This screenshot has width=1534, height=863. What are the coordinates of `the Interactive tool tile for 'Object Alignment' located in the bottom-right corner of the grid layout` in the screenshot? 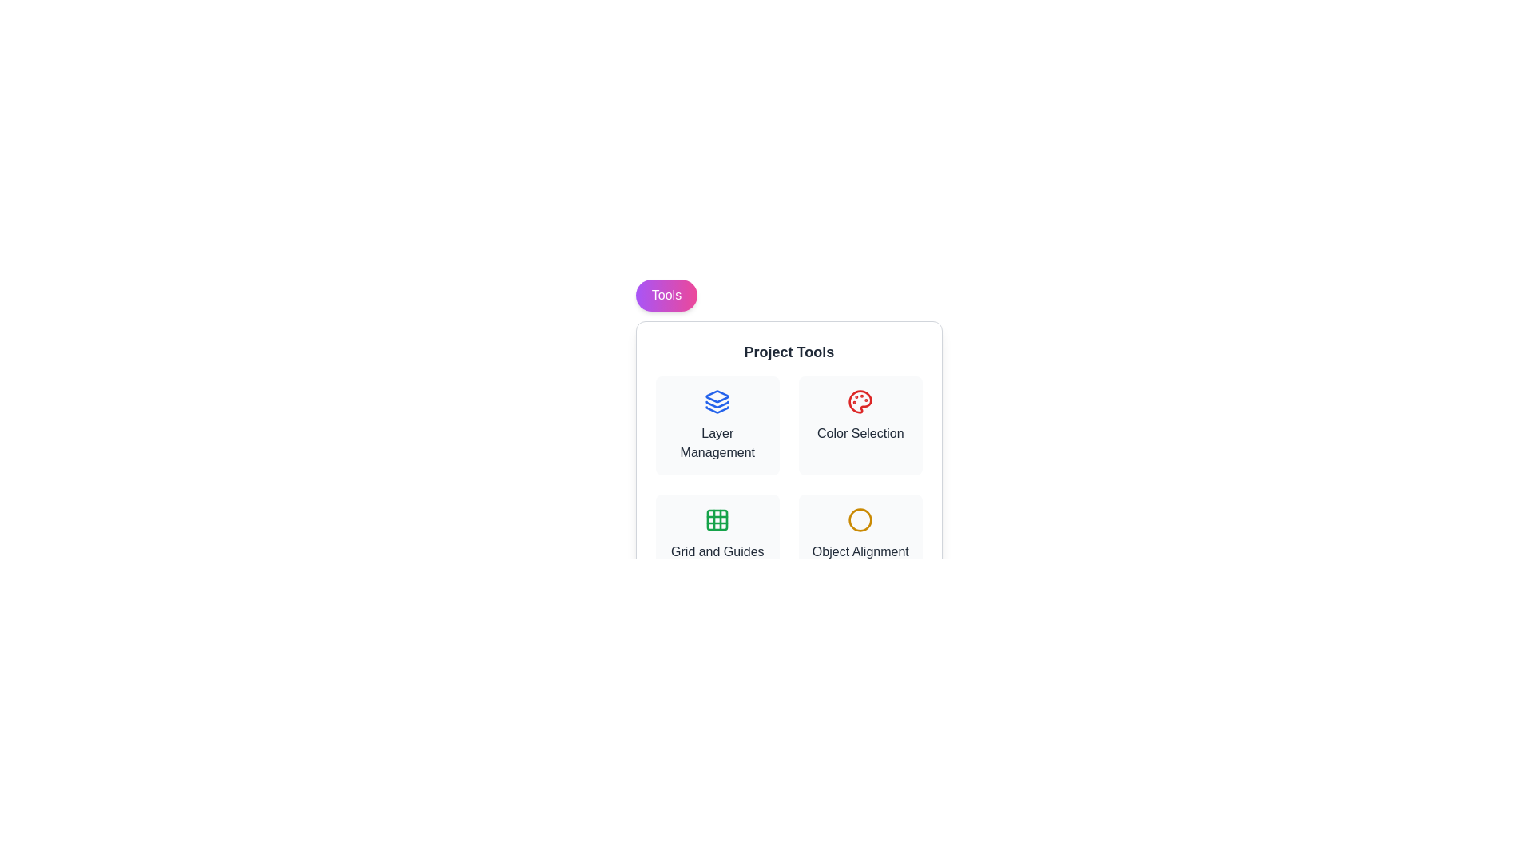 It's located at (859, 534).